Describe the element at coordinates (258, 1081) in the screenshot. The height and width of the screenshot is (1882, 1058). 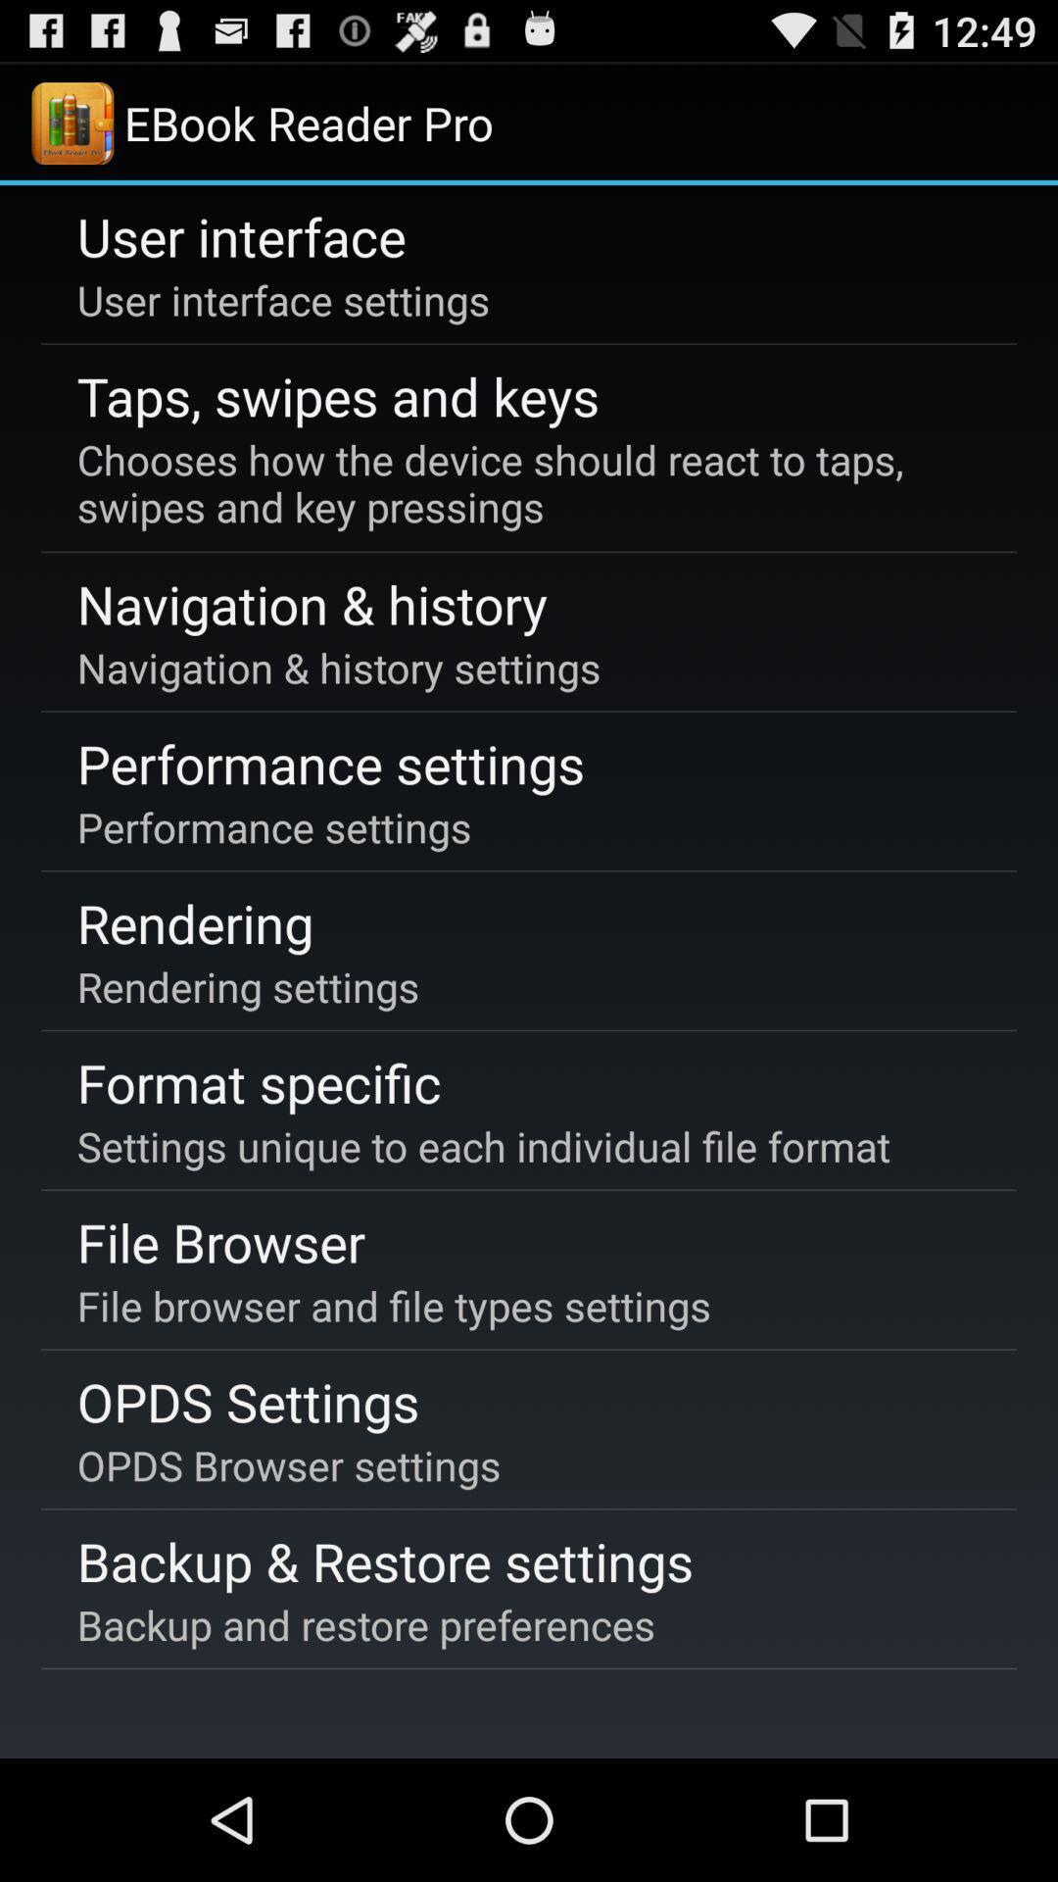
I see `item below rendering settings` at that location.